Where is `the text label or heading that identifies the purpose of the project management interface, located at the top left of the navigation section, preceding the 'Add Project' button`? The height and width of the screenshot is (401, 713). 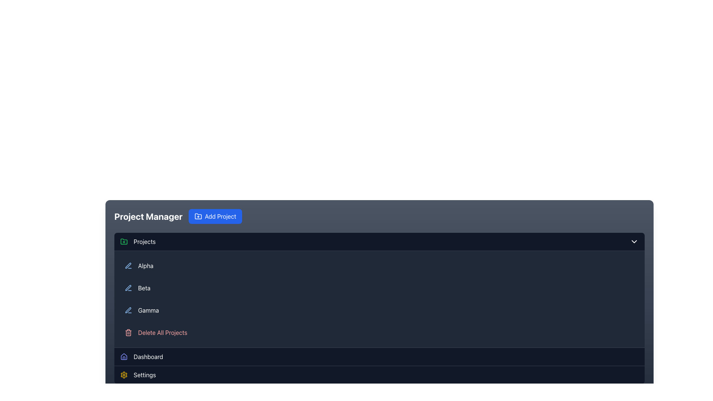 the text label or heading that identifies the purpose of the project management interface, located at the top left of the navigation section, preceding the 'Add Project' button is located at coordinates (148, 216).